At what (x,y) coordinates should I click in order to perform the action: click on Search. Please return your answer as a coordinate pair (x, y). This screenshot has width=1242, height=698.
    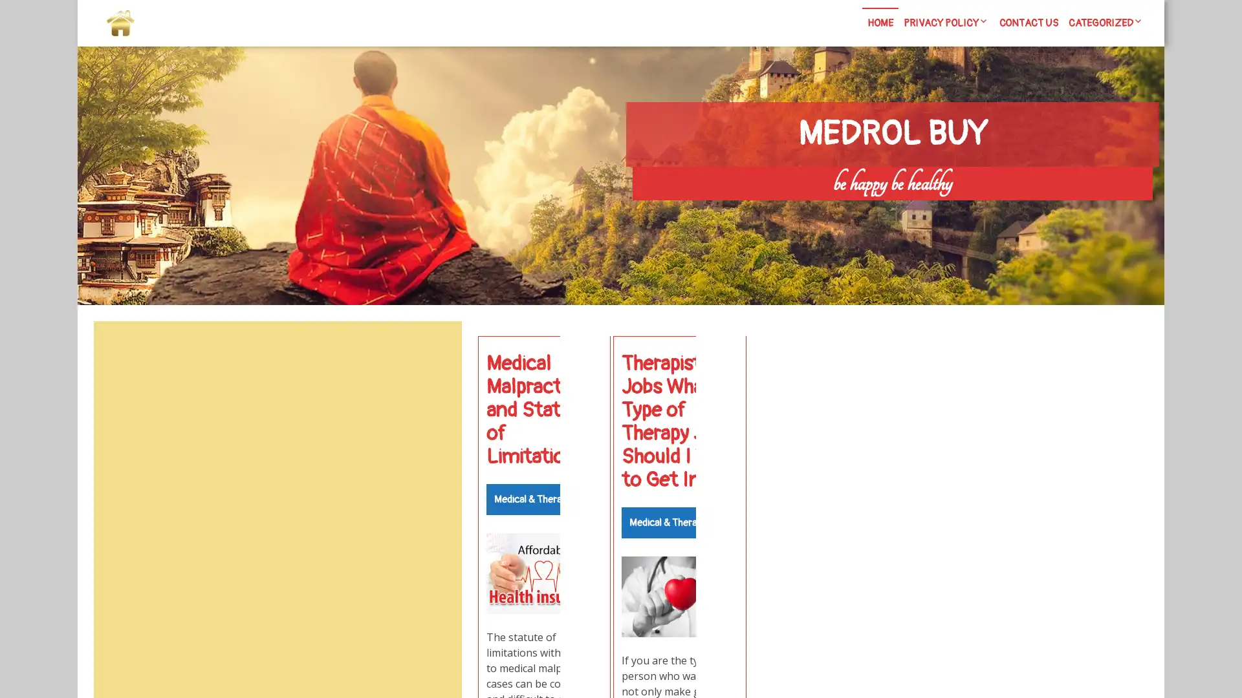
    Looking at the image, I should click on (1007, 211).